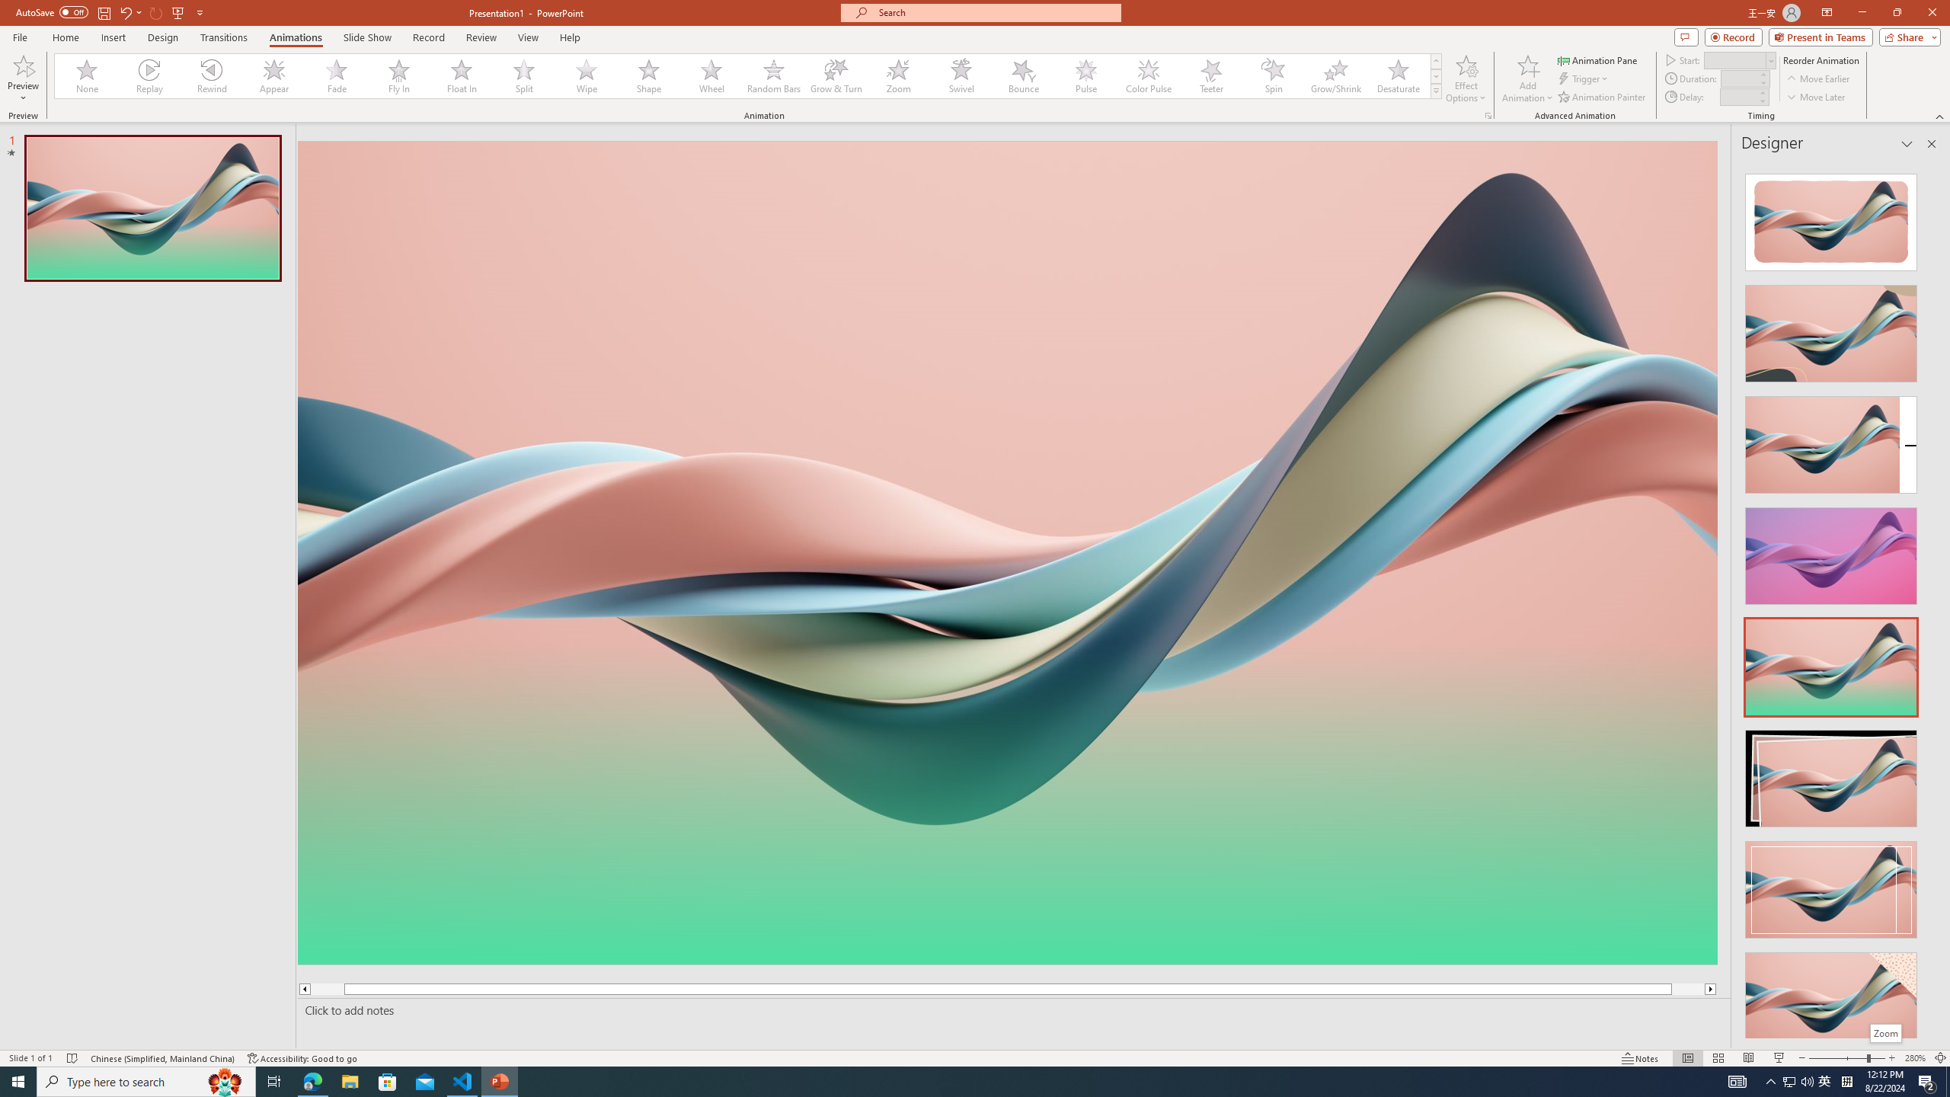 The width and height of the screenshot is (1950, 1097). What do you see at coordinates (961, 75) in the screenshot?
I see `'Swivel'` at bounding box center [961, 75].